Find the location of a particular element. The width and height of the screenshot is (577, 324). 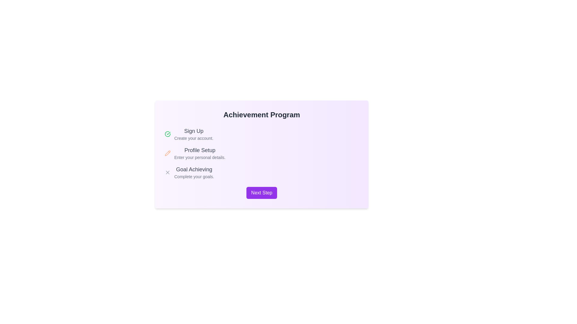

the 'Profile Setup' text label, which serves as a section title in the multi-step process, located above the subtext 'Enter your personal details.' is located at coordinates (200, 150).